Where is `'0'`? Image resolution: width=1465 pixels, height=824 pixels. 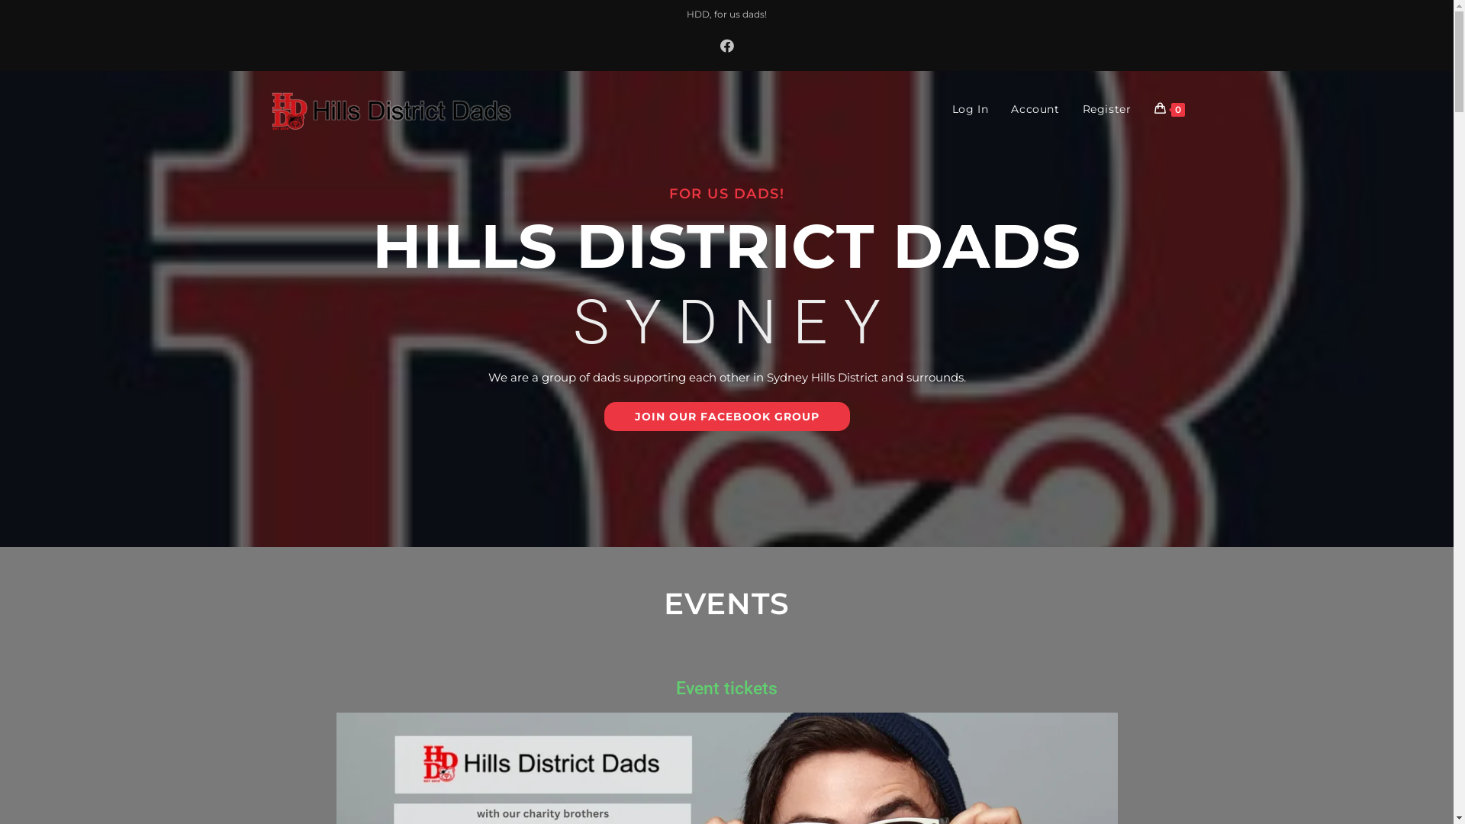
'0' is located at coordinates (1142, 108).